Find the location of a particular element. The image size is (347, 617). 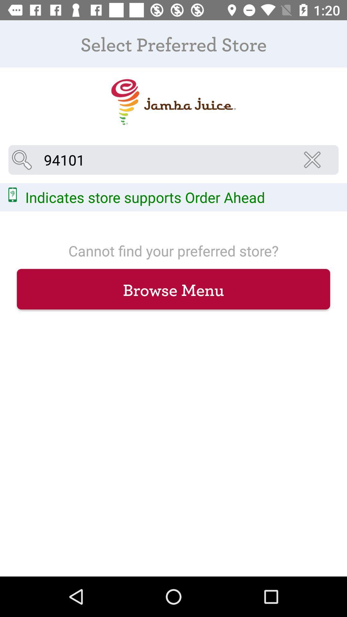

the close icon is located at coordinates (314, 160).